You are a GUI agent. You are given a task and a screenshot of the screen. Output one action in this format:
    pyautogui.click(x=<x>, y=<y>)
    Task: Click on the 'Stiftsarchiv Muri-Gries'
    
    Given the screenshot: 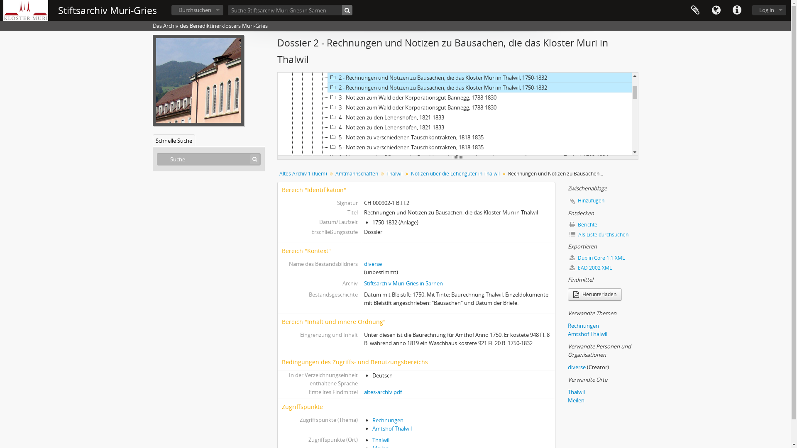 What is the action you would take?
    pyautogui.click(x=107, y=10)
    